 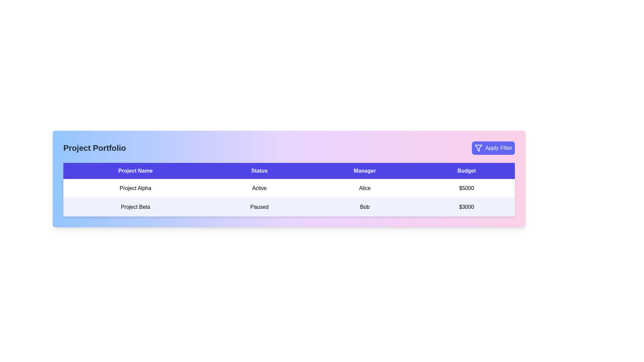 What do you see at coordinates (289, 188) in the screenshot?
I see `the first row of the data table that displays project information` at bounding box center [289, 188].